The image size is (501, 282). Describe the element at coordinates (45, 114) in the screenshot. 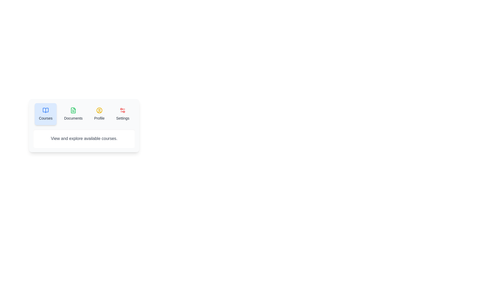

I see `the Courses tab to view its content` at that location.